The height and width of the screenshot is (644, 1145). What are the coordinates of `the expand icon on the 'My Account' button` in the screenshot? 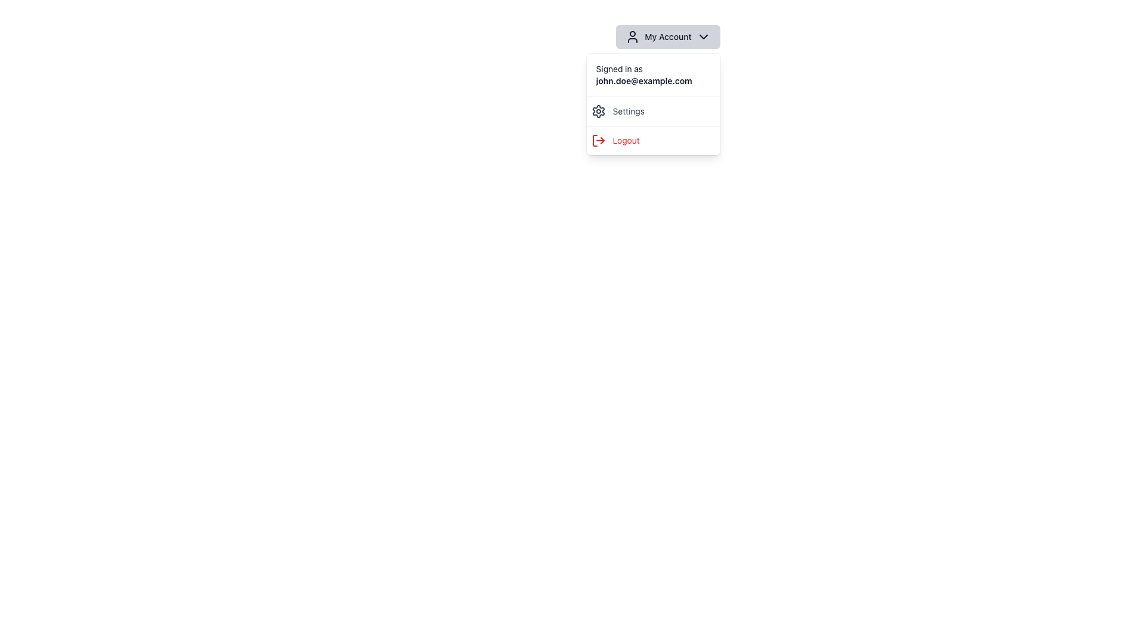 It's located at (703, 36).